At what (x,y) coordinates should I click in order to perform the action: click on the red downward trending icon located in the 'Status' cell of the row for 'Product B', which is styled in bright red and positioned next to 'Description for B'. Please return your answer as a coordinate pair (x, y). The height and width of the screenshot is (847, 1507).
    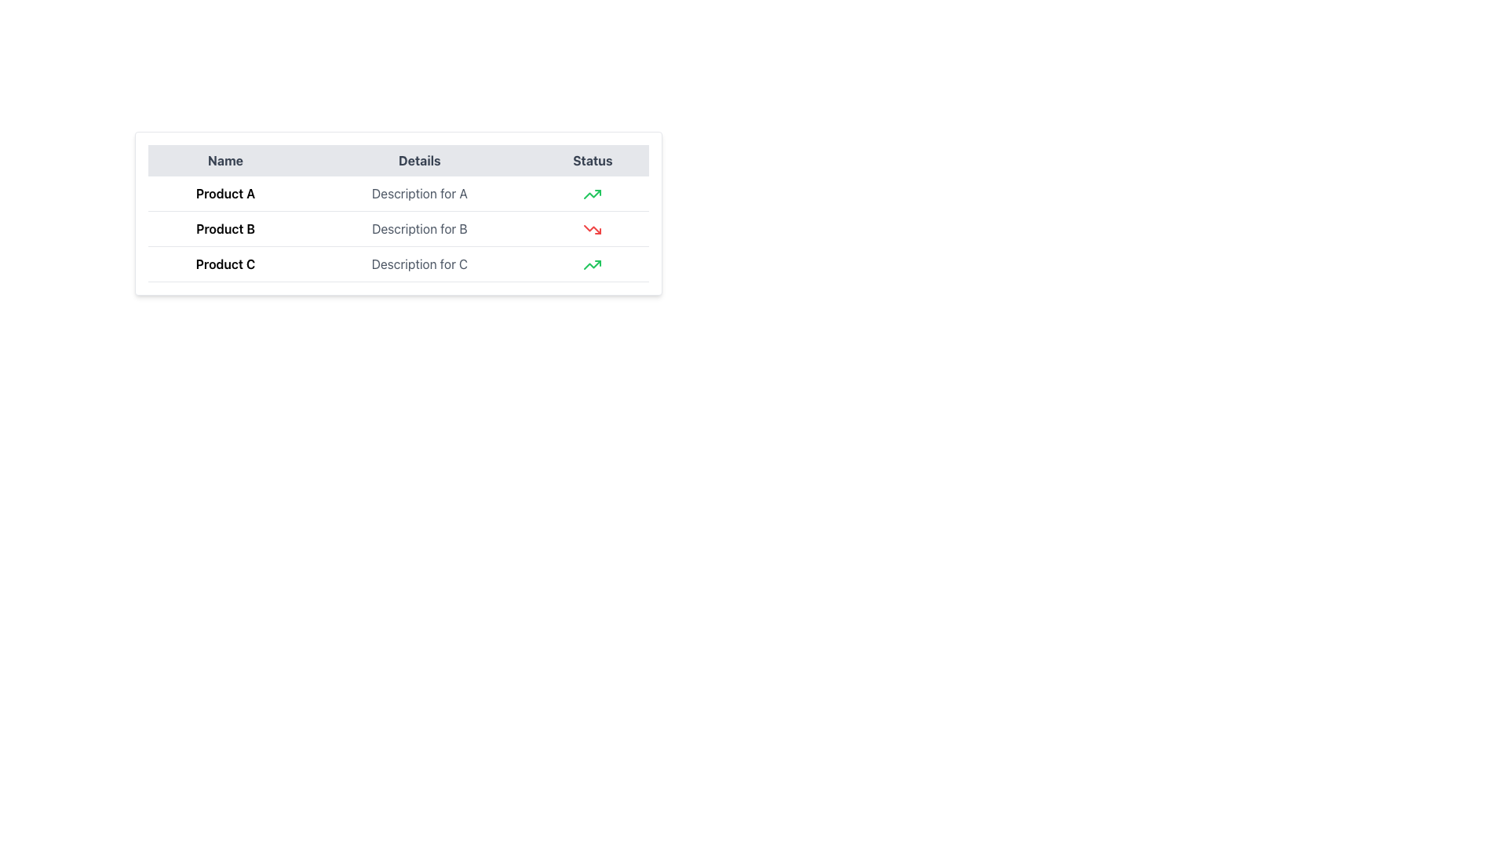
    Looking at the image, I should click on (592, 229).